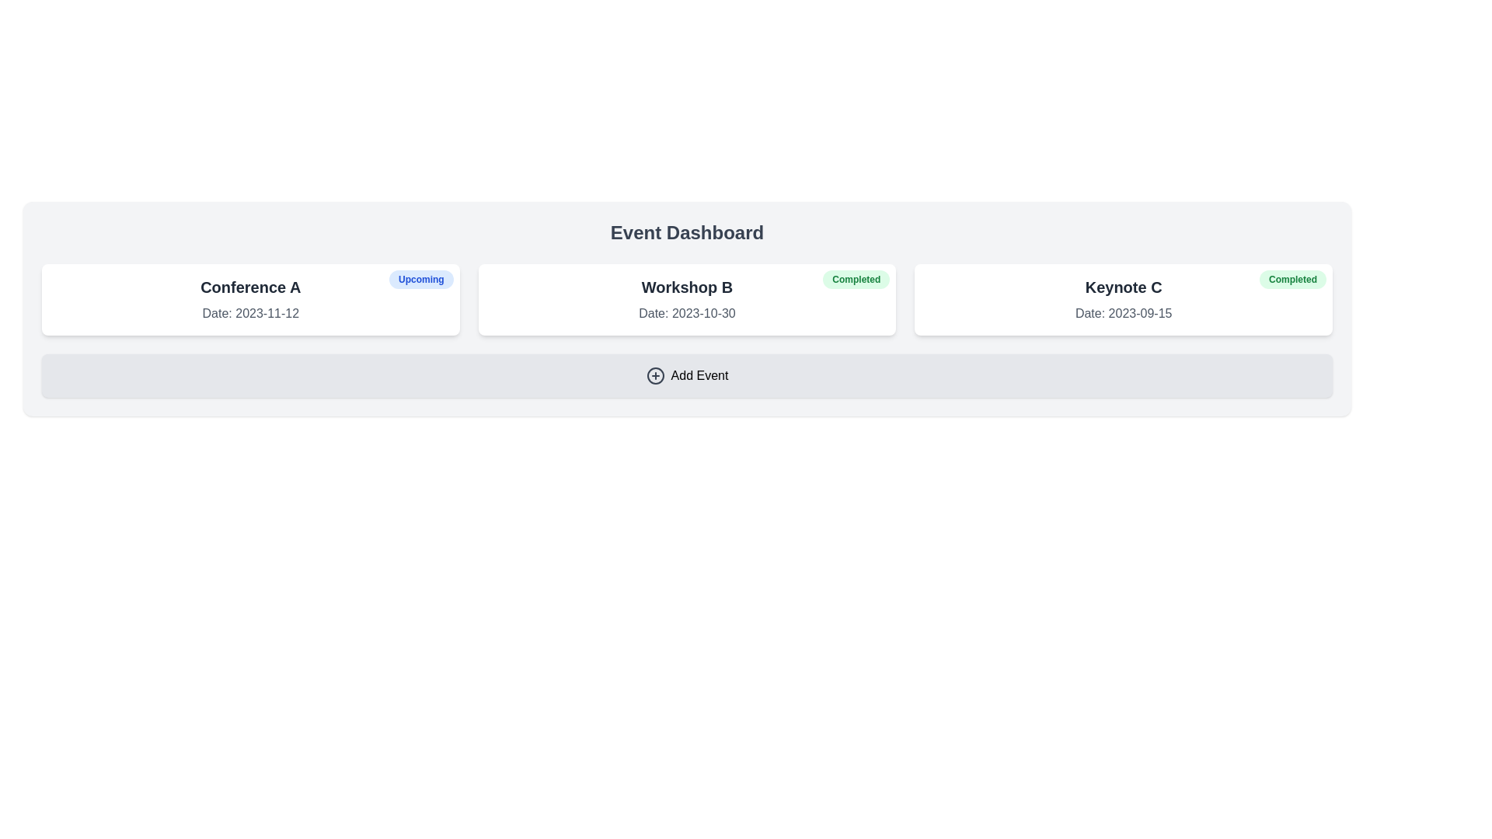  I want to click on the text label displaying the date of the event 'Keynote C', which is located below the title within the event card, so click(1124, 314).